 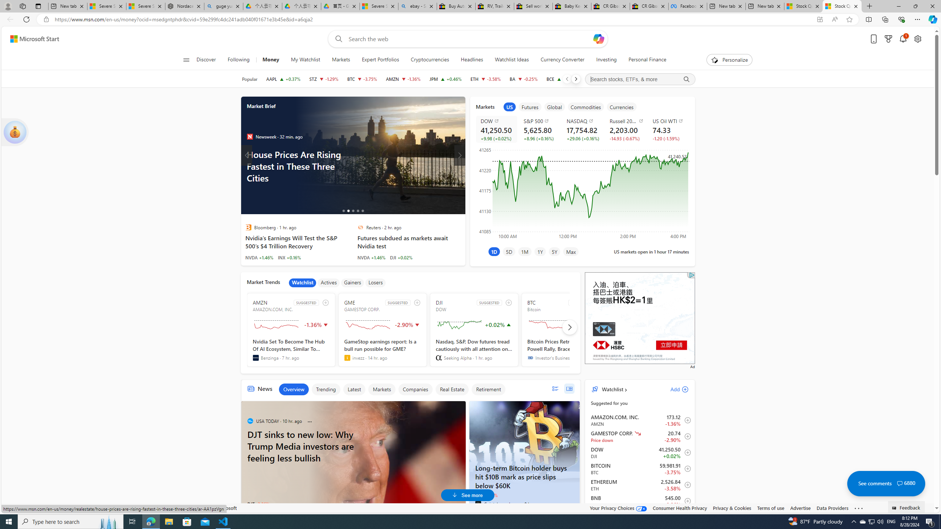 I want to click on 'Class: oneFooter_seeMore-DS-EntryPoint1-1', so click(x=858, y=508).